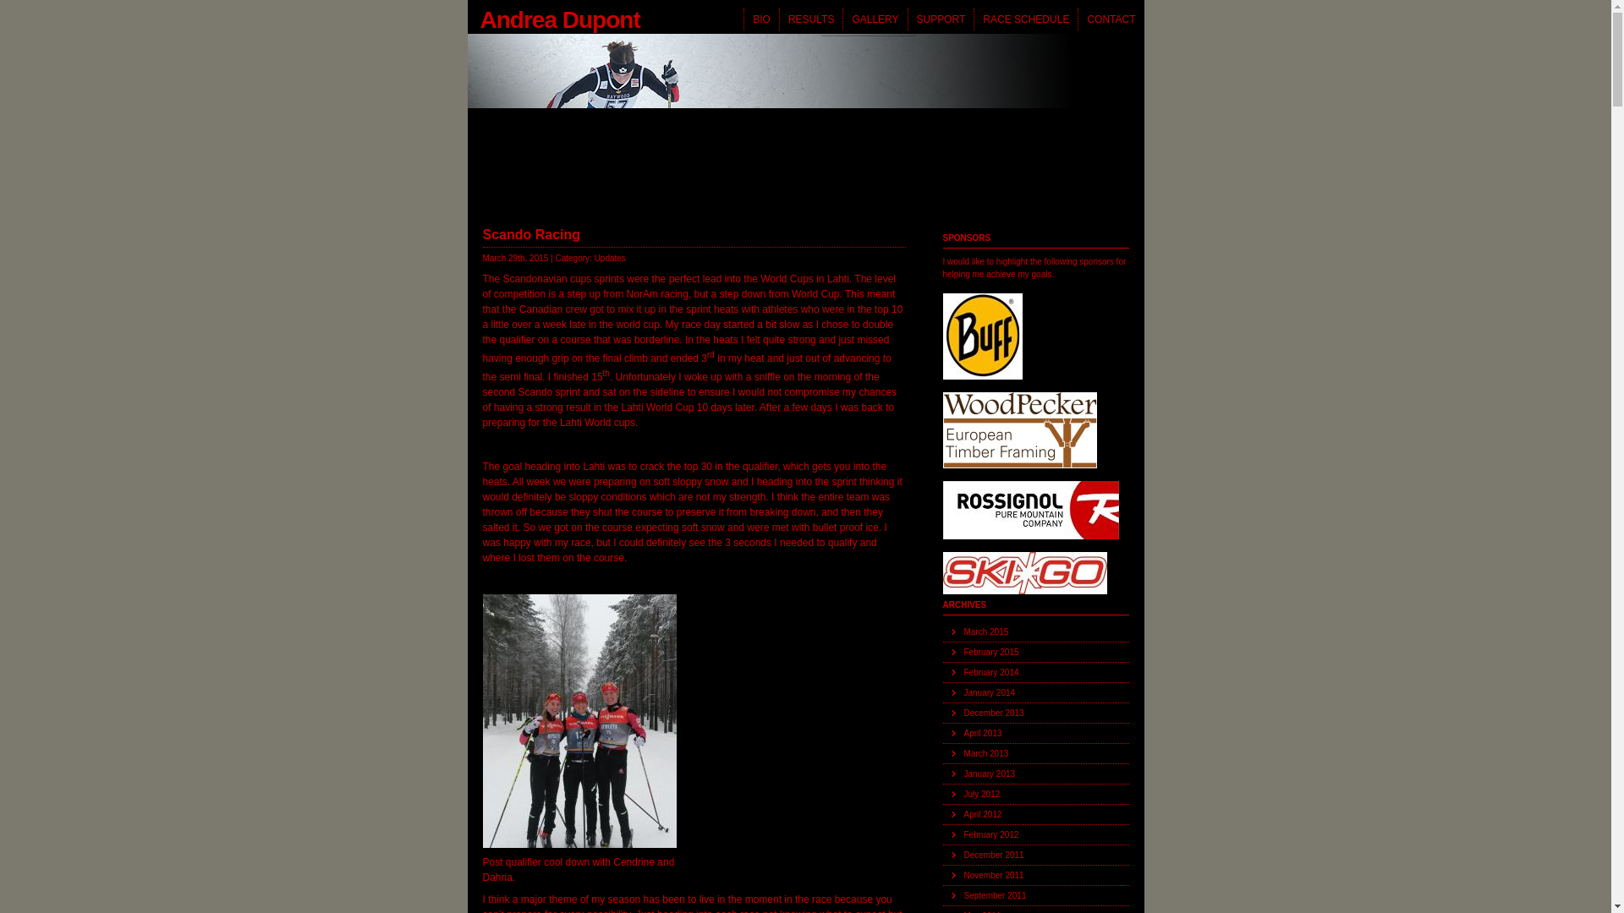 The height and width of the screenshot is (913, 1624). What do you see at coordinates (809, 19) in the screenshot?
I see `'RESULTS'` at bounding box center [809, 19].